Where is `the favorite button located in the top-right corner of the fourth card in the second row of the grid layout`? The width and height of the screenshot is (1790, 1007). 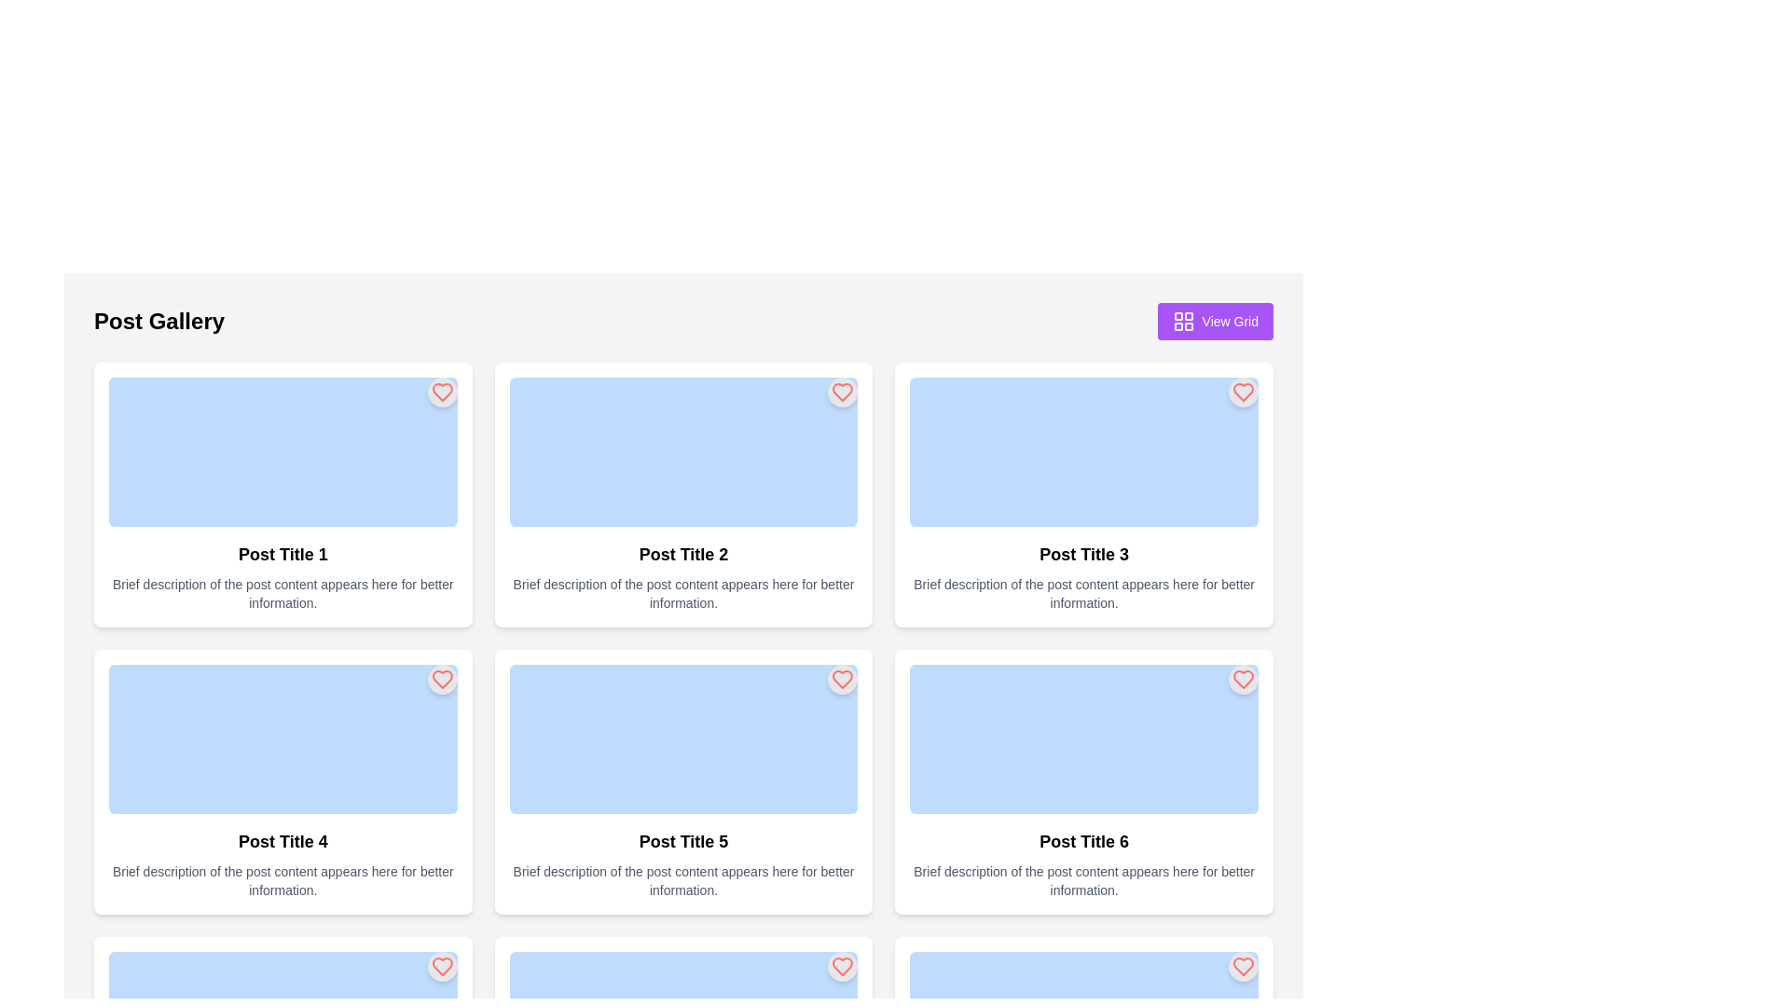
the favorite button located in the top-right corner of the fourth card in the second row of the grid layout is located at coordinates (441, 680).